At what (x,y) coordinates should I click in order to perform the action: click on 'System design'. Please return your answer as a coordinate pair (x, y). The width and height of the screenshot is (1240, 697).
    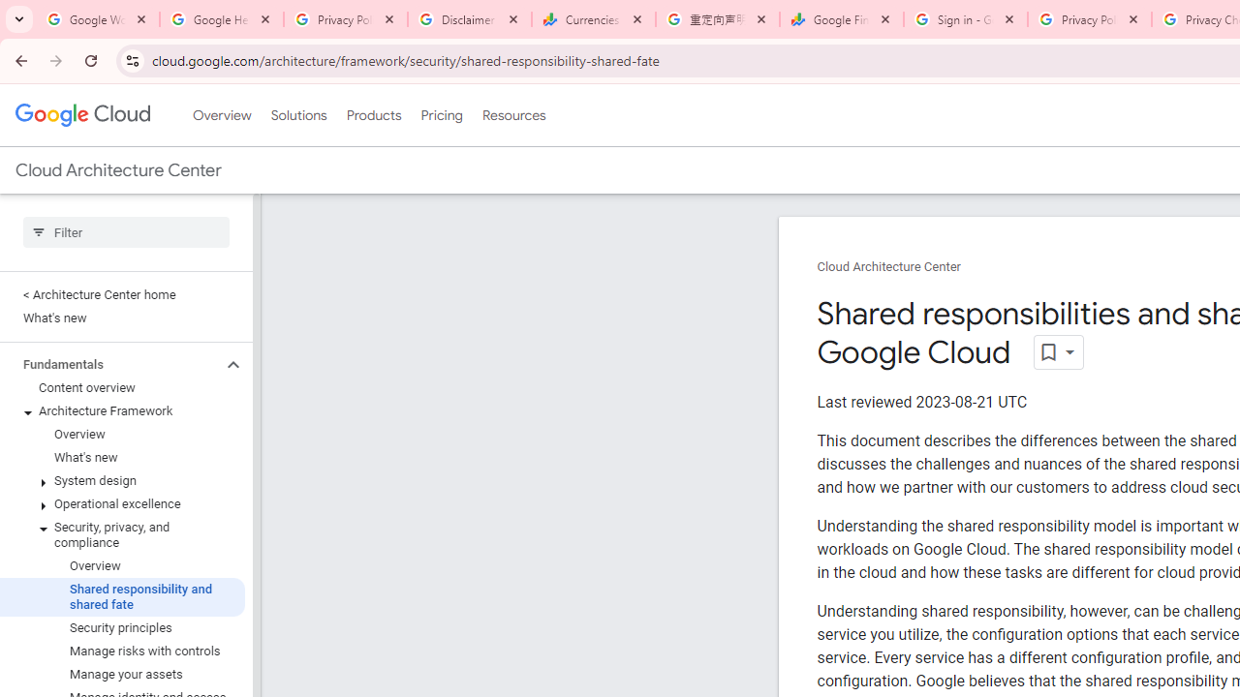
    Looking at the image, I should click on (121, 480).